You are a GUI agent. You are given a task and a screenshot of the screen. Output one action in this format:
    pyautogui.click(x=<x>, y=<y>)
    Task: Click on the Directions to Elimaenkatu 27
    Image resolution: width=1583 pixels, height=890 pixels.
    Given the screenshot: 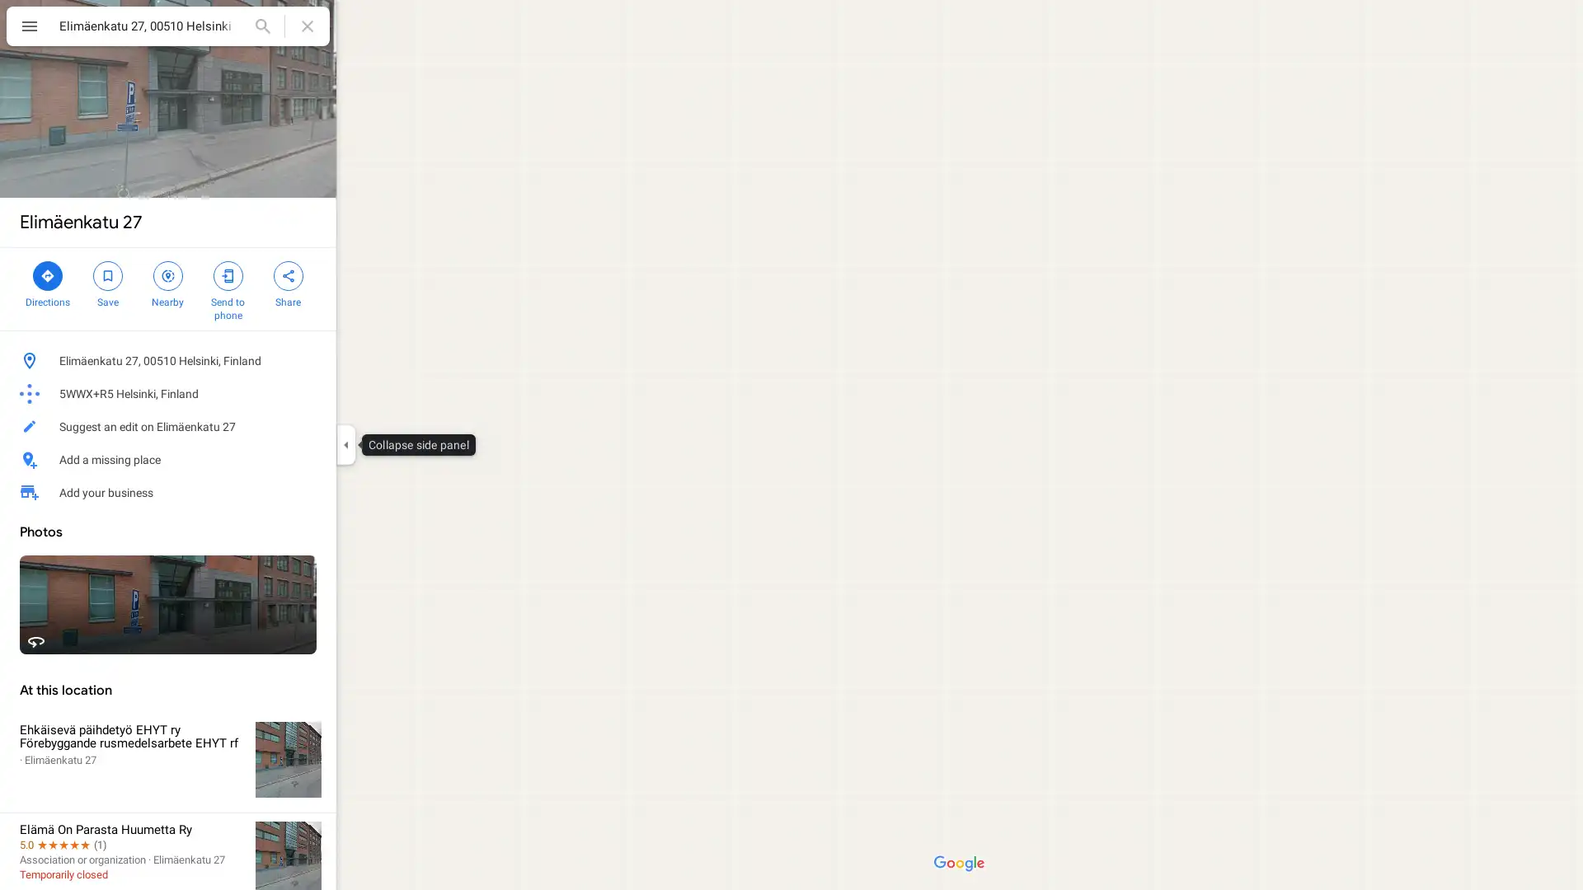 What is the action you would take?
    pyautogui.click(x=47, y=282)
    